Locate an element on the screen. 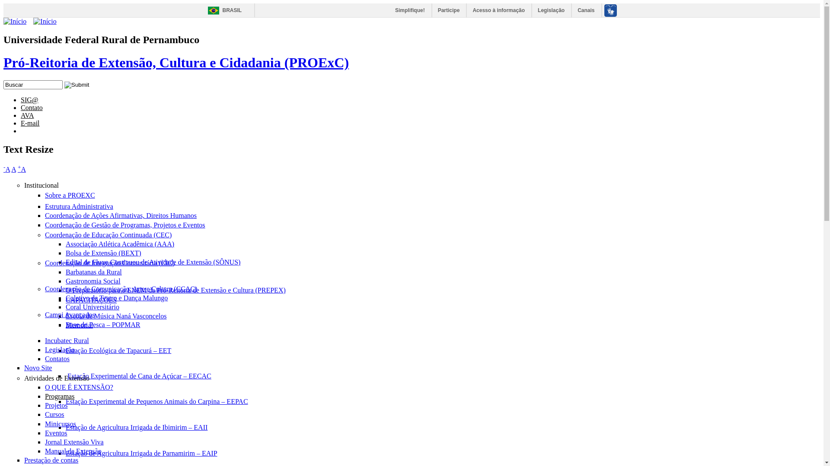 This screenshot has width=830, height=466. 'Cursos' is located at coordinates (54, 414).